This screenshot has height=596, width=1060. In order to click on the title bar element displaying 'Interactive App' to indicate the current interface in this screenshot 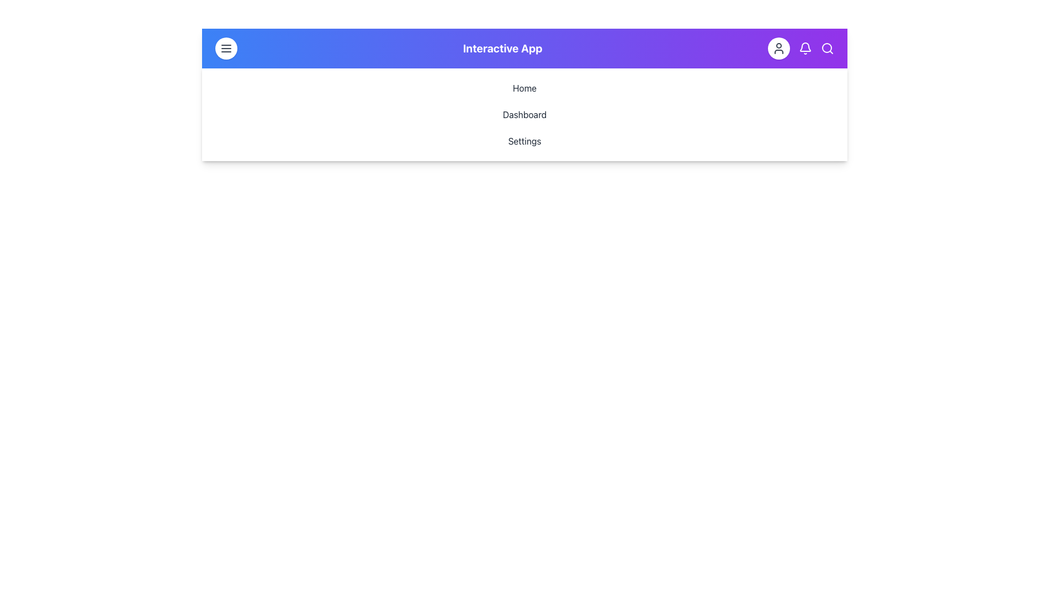, I will do `click(524, 48)`.